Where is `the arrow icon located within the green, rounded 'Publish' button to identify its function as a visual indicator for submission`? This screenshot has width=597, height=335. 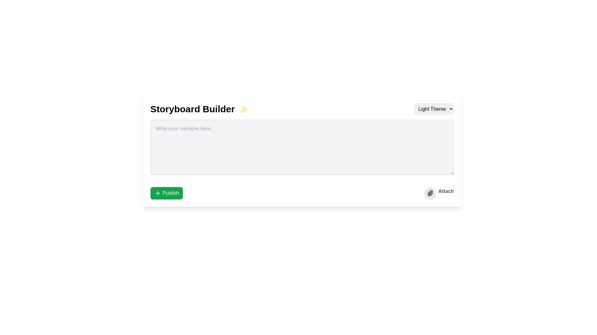
the arrow icon located within the green, rounded 'Publish' button to identify its function as a visual indicator for submission is located at coordinates (157, 193).